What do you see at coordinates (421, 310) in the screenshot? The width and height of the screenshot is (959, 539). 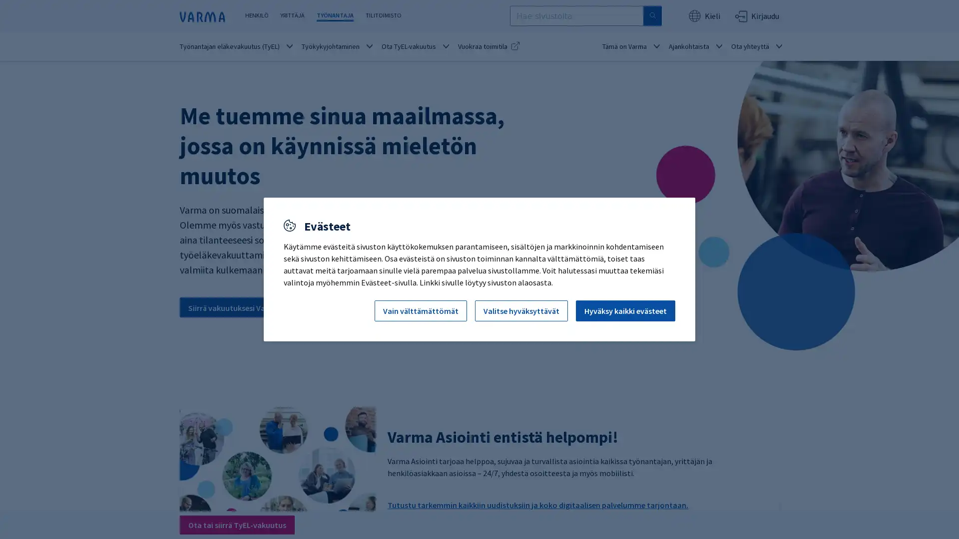 I see `Vain valttamattomat` at bounding box center [421, 310].